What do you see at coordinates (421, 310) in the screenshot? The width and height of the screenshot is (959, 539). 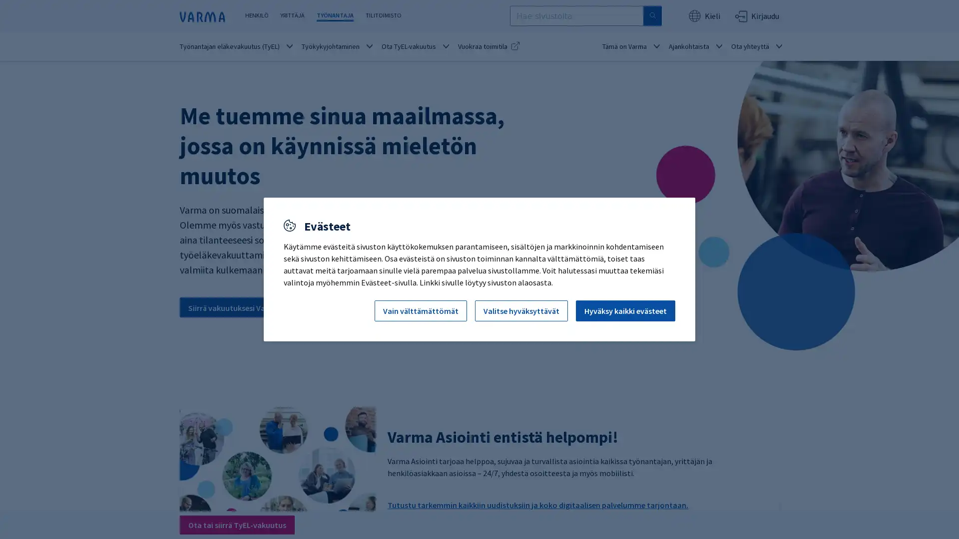 I see `Vain valttamattomat` at bounding box center [421, 310].